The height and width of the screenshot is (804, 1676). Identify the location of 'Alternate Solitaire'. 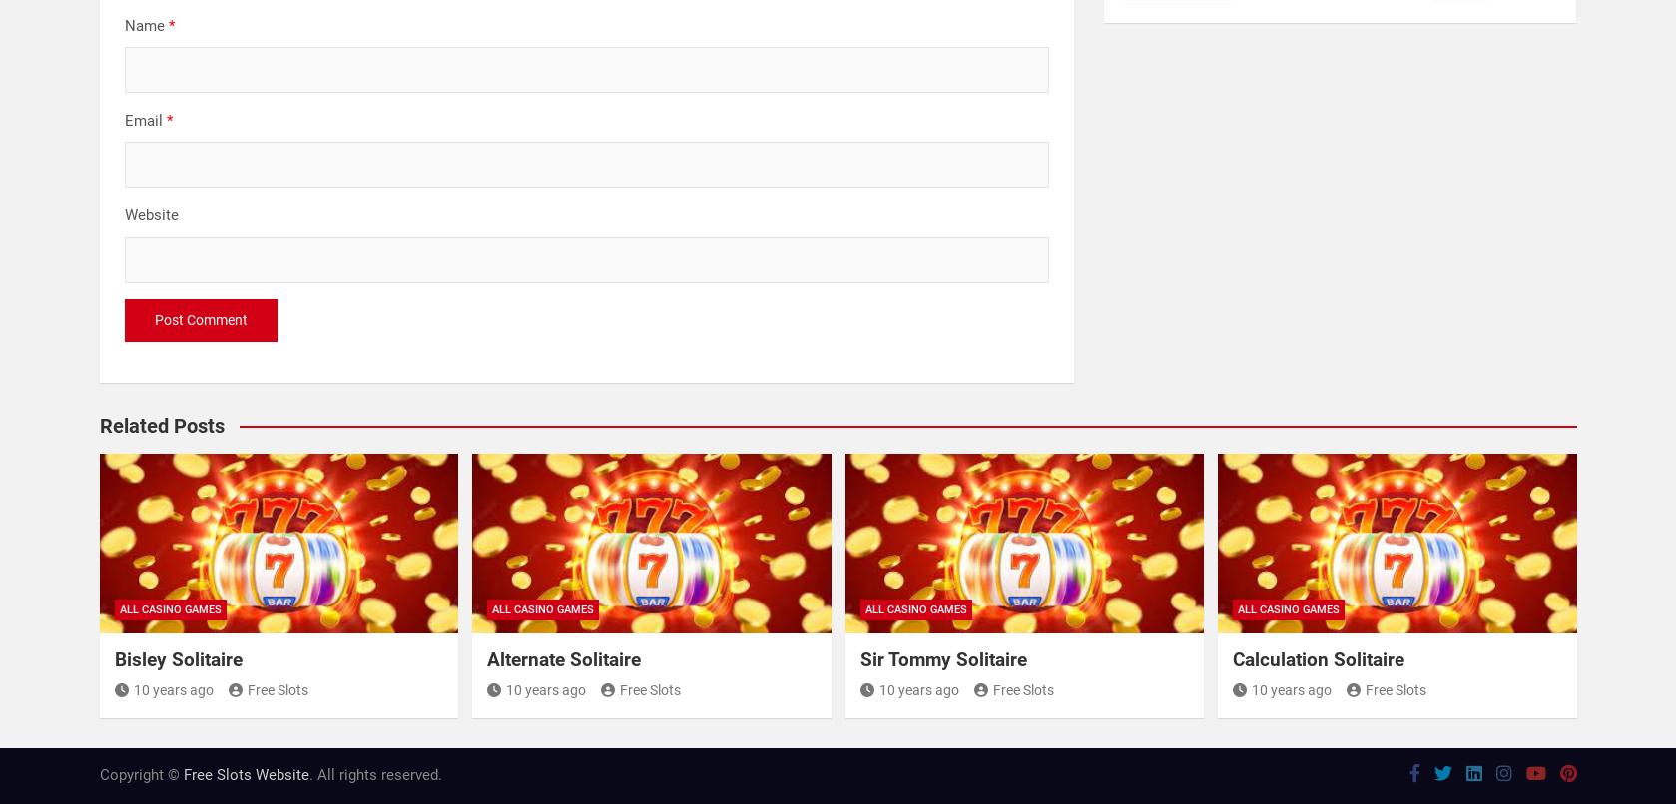
(486, 658).